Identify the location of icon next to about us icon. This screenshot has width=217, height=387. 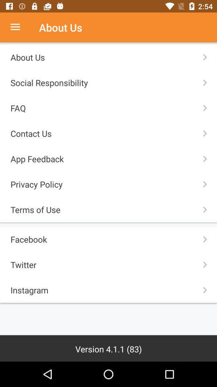
(19, 27).